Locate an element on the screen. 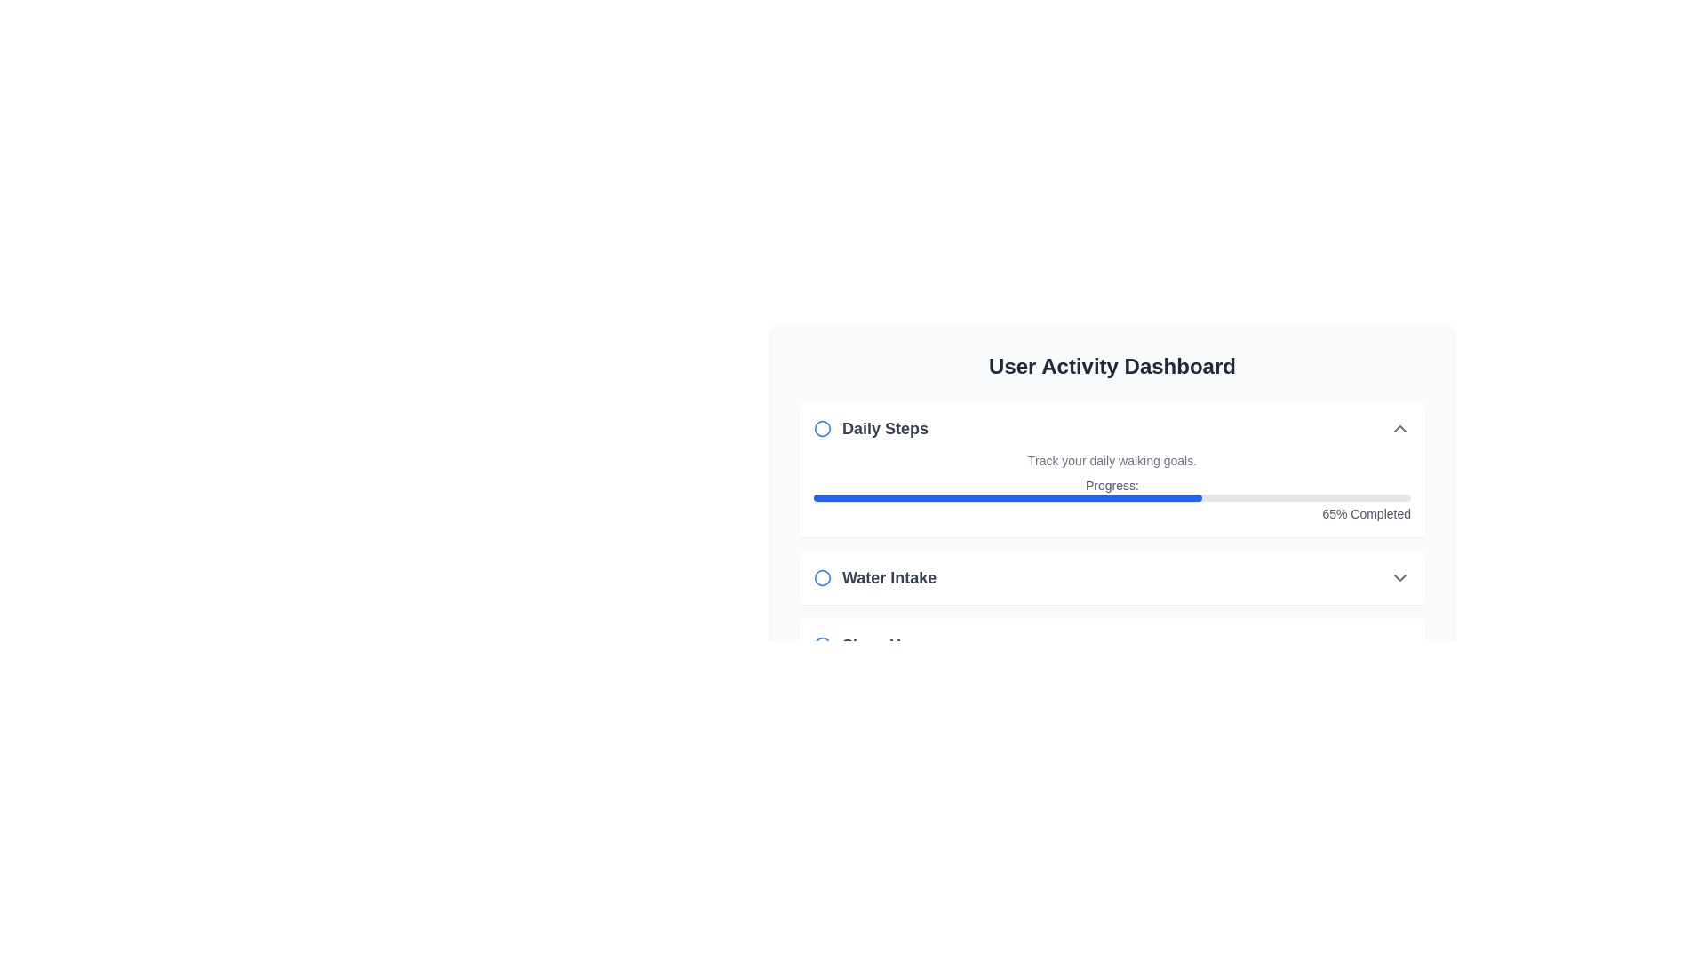 The height and width of the screenshot is (959, 1706). the circular icon with a blue border located to the left of the 'Water Intake' text label is located at coordinates (822, 578).